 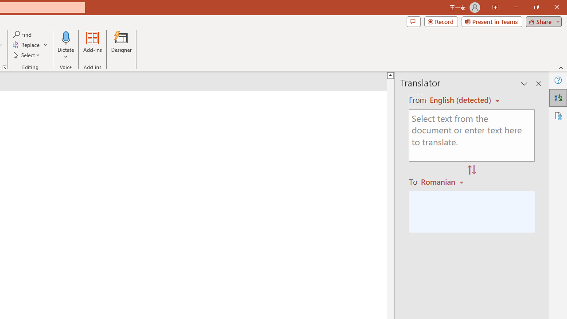 What do you see at coordinates (491, 21) in the screenshot?
I see `'Present in Teams'` at bounding box center [491, 21].